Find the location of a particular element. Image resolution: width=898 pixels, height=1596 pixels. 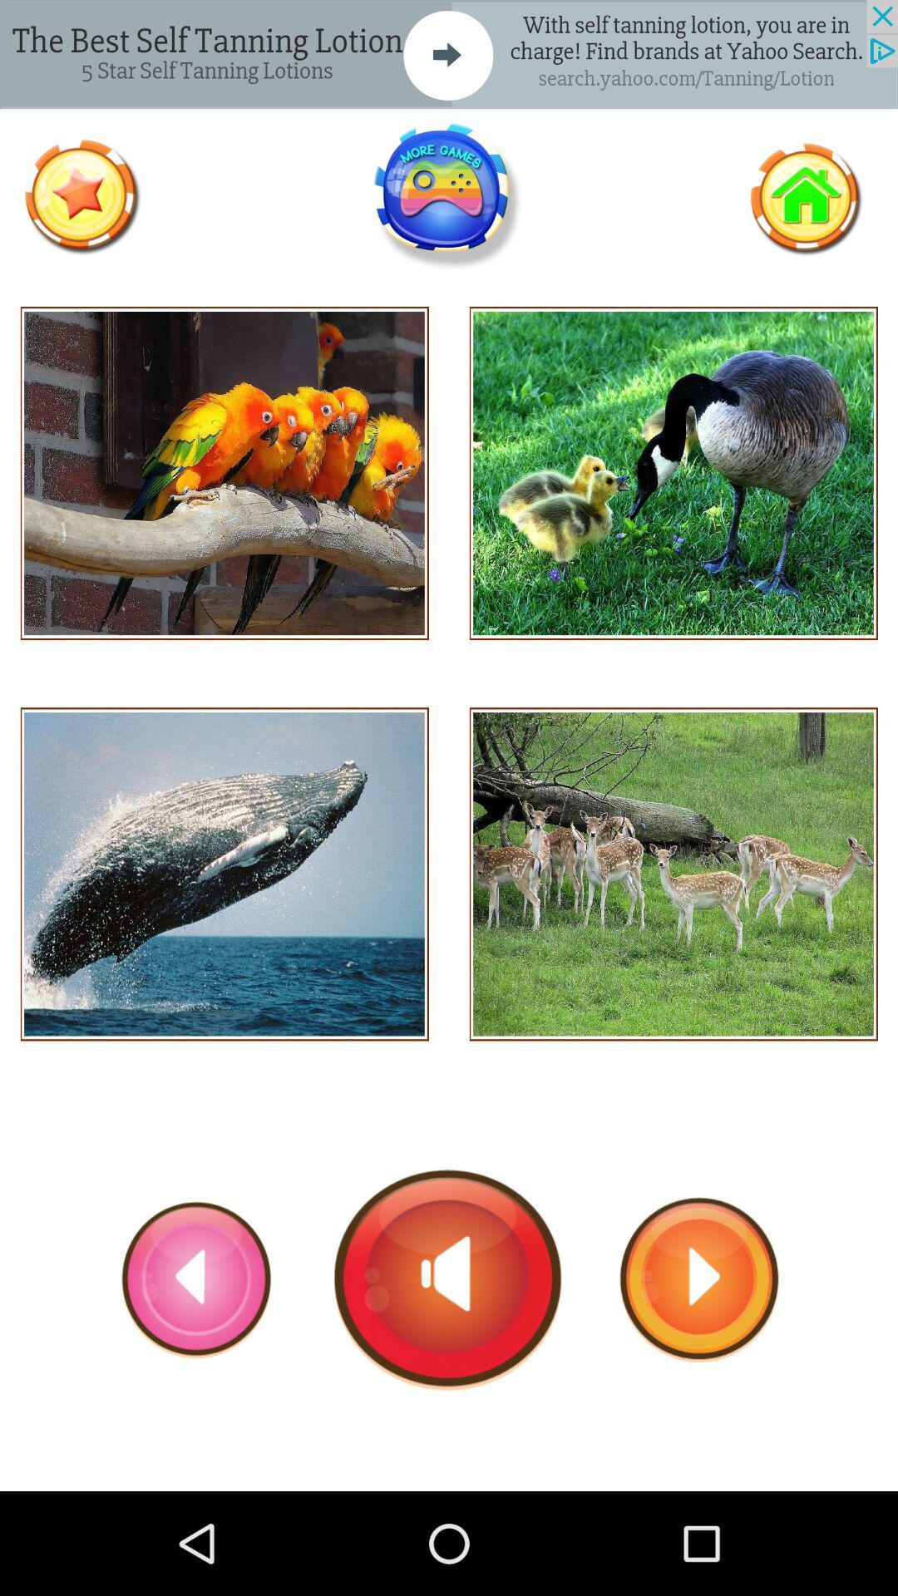

play is located at coordinates (447, 1278).